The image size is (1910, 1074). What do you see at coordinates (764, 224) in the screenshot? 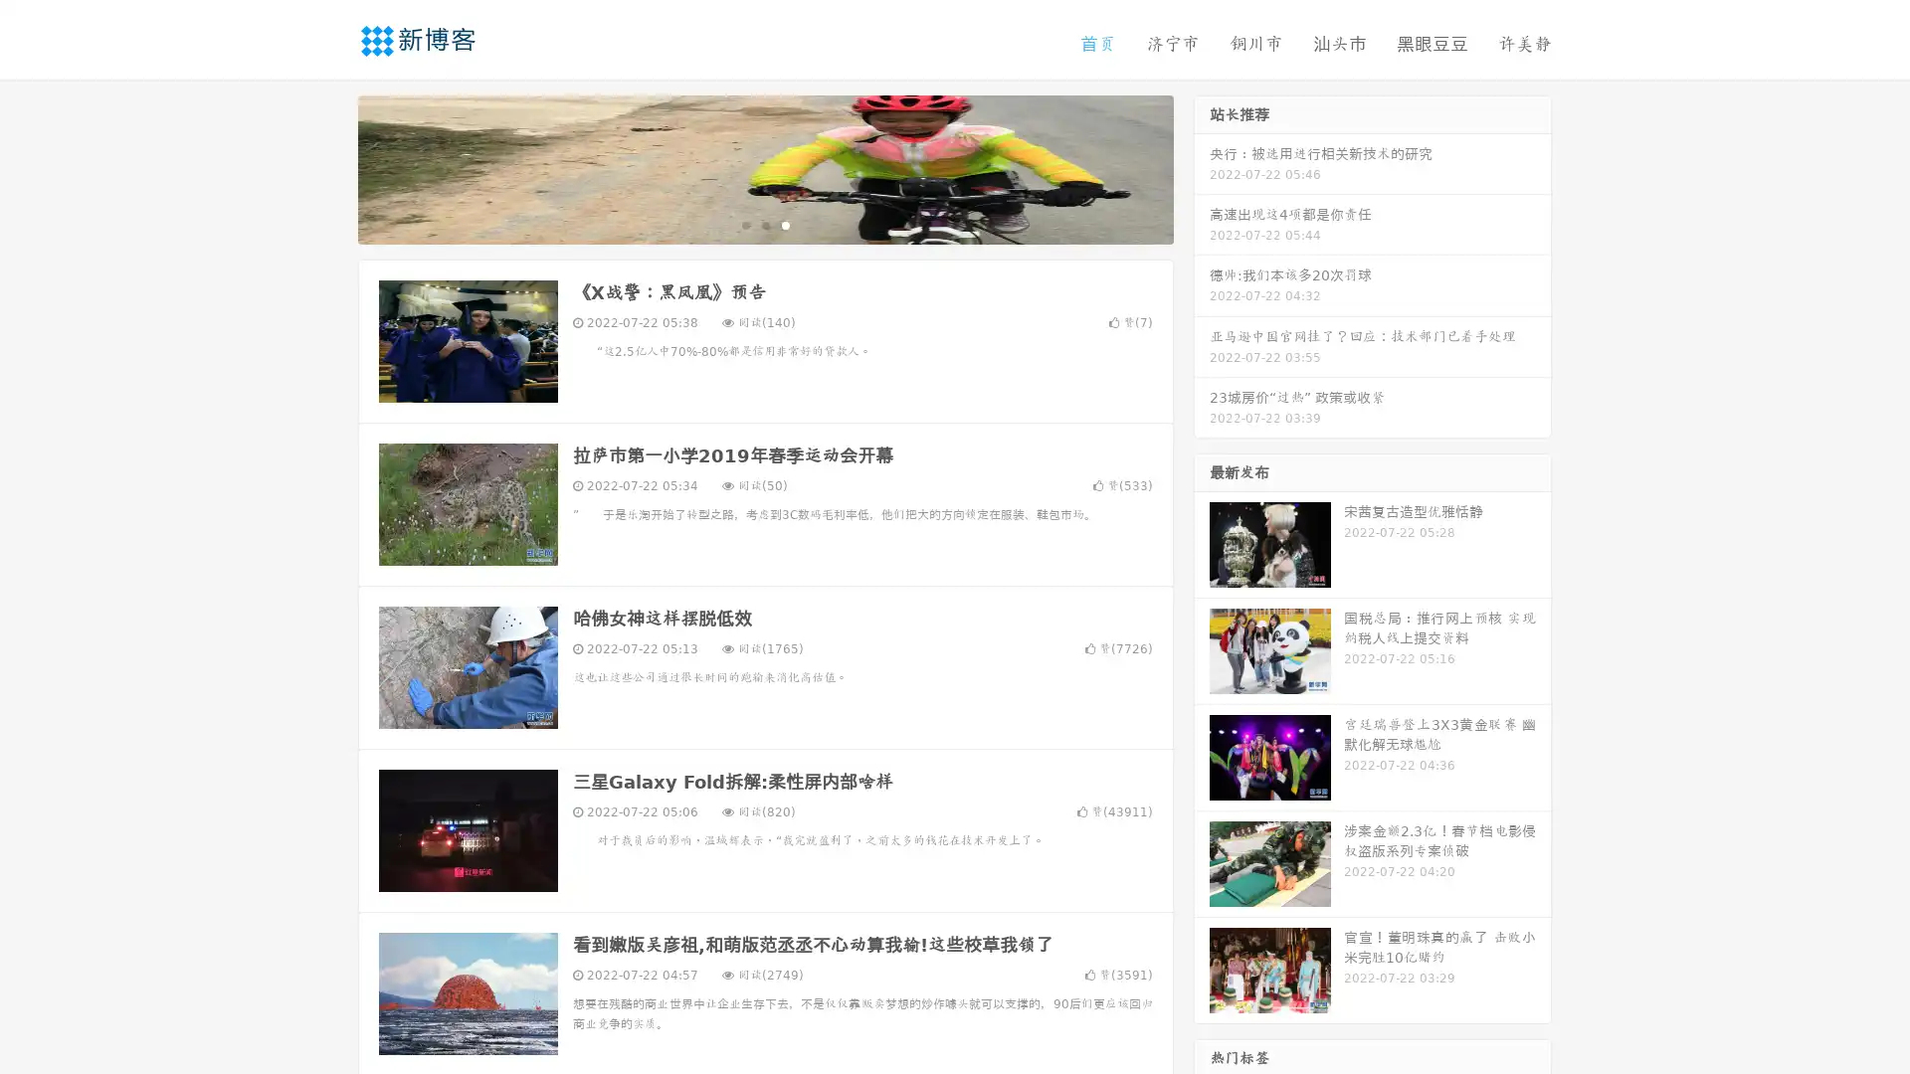
I see `Go to slide 2` at bounding box center [764, 224].